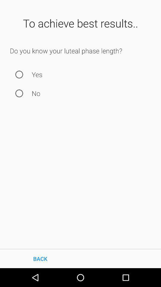 The width and height of the screenshot is (161, 287). I want to click on option, so click(19, 93).